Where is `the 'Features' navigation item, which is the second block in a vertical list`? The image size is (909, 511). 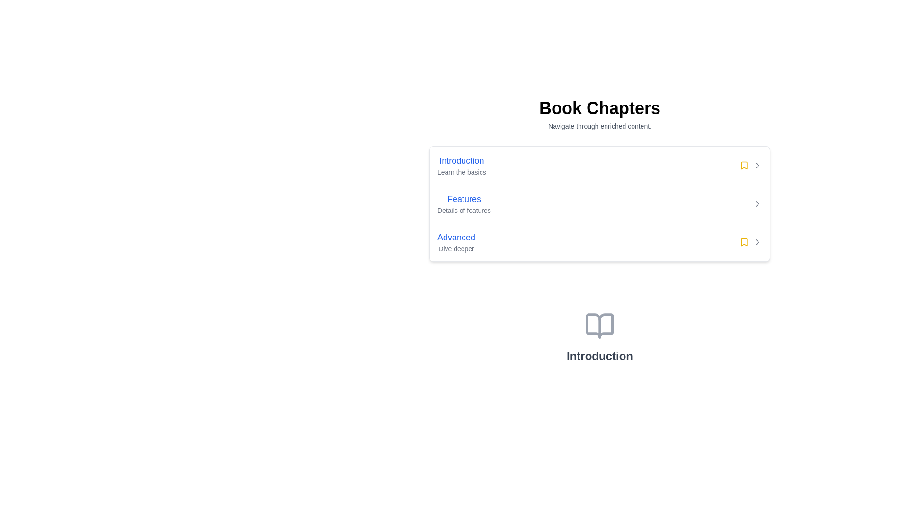
the 'Features' navigation item, which is the second block in a vertical list is located at coordinates (599, 203).